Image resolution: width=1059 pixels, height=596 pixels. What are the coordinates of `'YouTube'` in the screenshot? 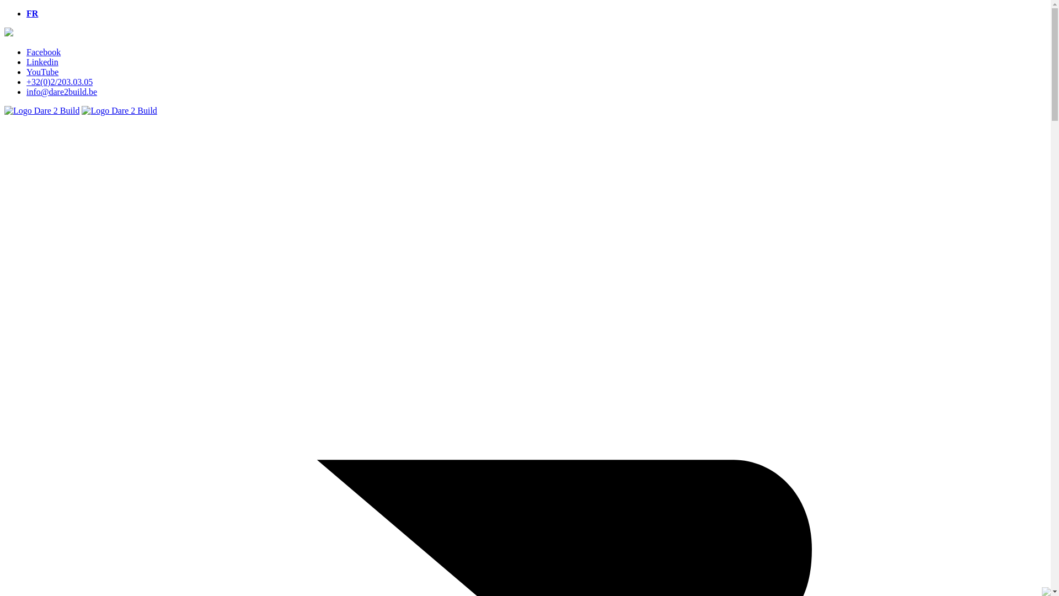 It's located at (42, 72).